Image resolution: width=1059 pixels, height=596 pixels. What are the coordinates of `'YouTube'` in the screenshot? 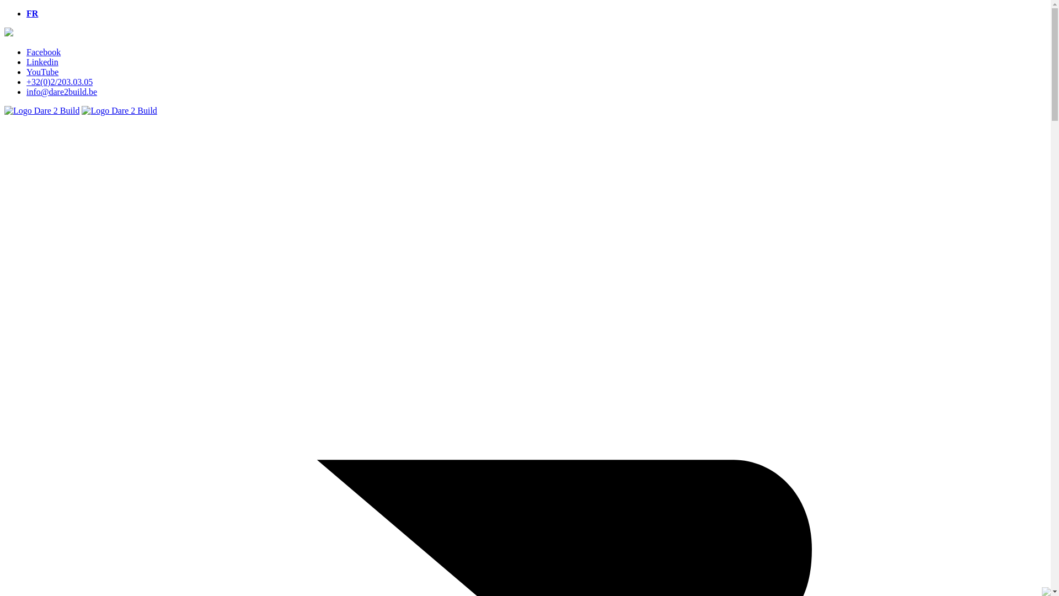 It's located at (42, 72).